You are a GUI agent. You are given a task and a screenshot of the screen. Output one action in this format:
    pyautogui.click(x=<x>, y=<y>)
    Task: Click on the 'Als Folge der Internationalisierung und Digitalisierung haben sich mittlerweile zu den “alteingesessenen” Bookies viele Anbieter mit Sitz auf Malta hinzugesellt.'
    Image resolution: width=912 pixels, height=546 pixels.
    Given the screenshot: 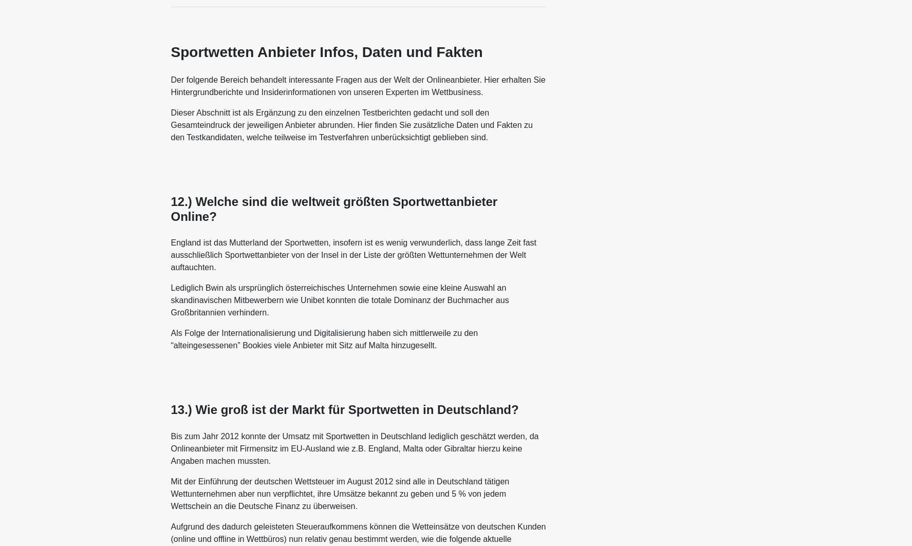 What is the action you would take?
    pyautogui.click(x=324, y=338)
    